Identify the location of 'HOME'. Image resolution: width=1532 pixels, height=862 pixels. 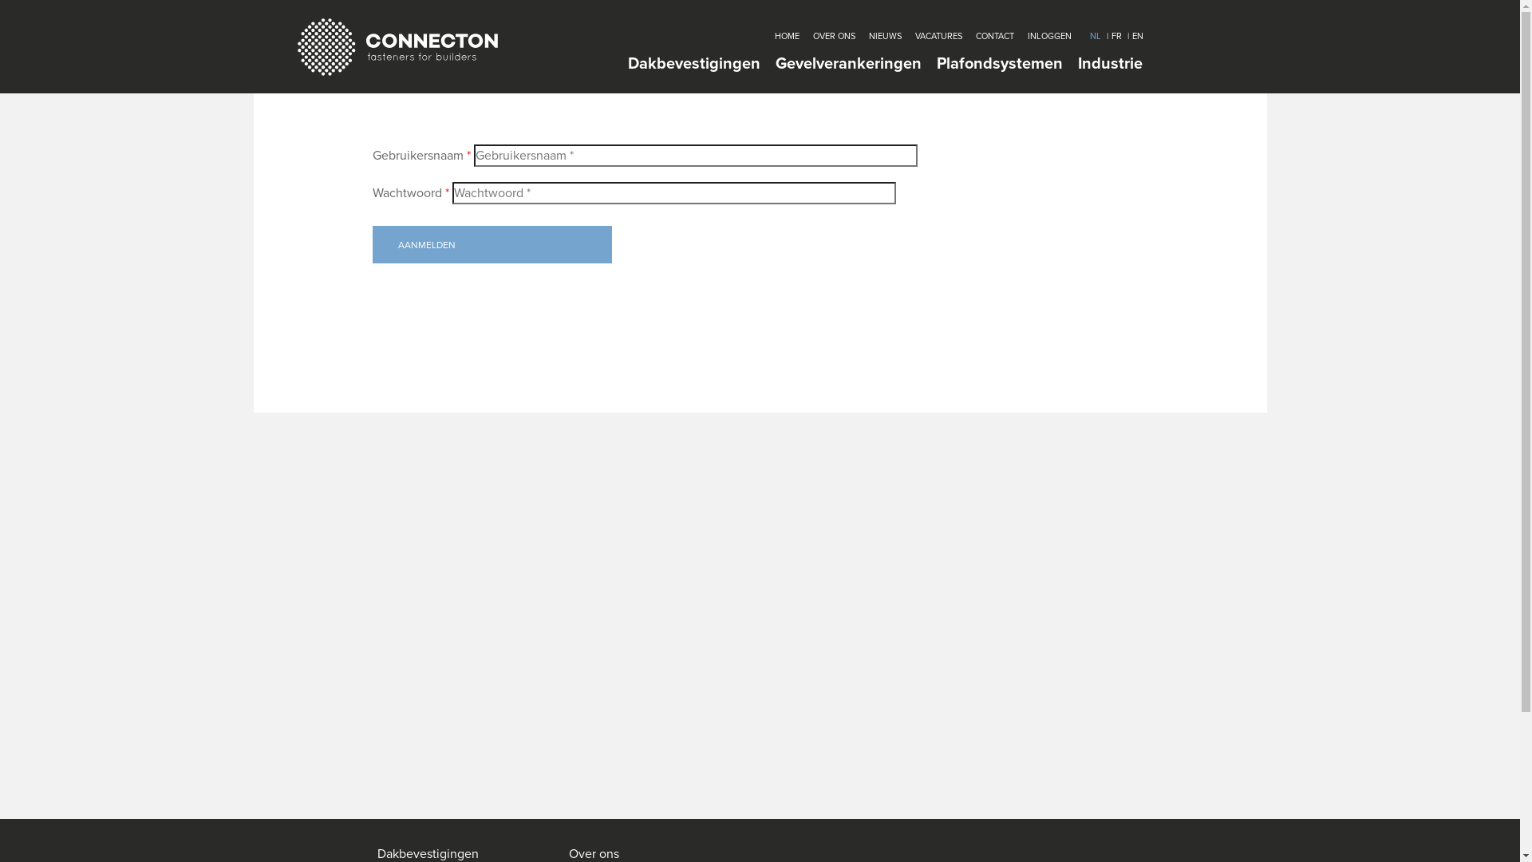
(786, 36).